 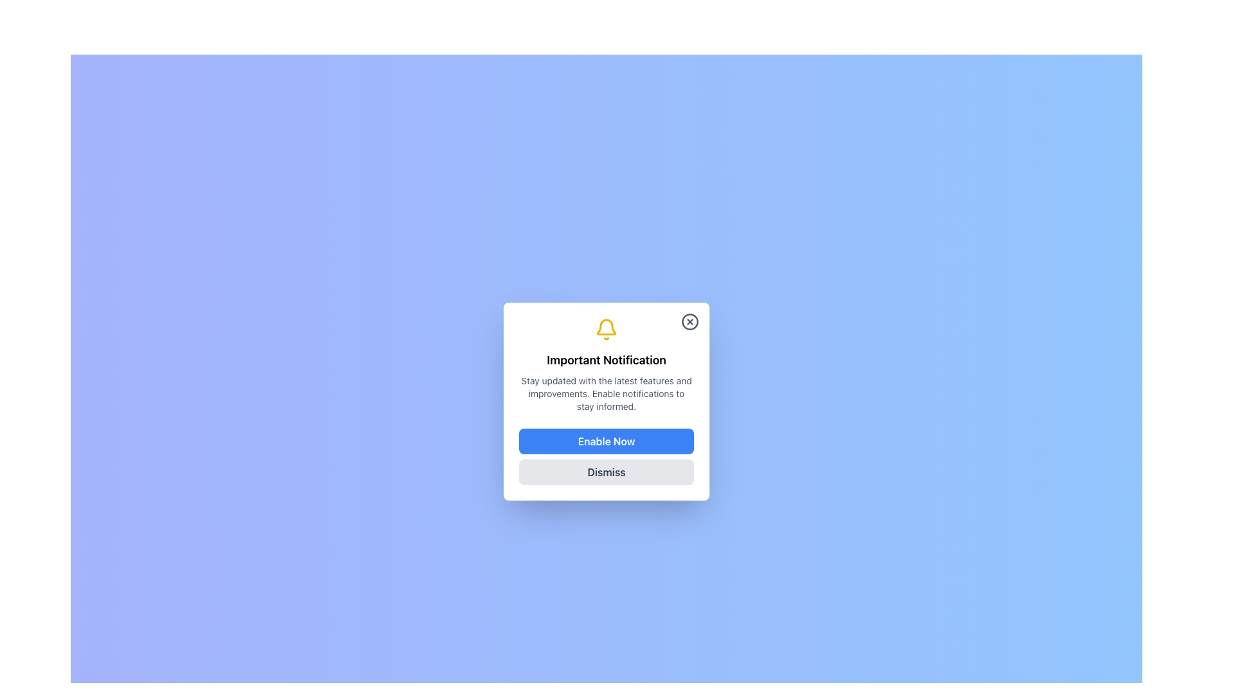 I want to click on the small circular icon button with a cross mark in the center, located at the top-right corner of the notification dialog, so click(x=690, y=321).